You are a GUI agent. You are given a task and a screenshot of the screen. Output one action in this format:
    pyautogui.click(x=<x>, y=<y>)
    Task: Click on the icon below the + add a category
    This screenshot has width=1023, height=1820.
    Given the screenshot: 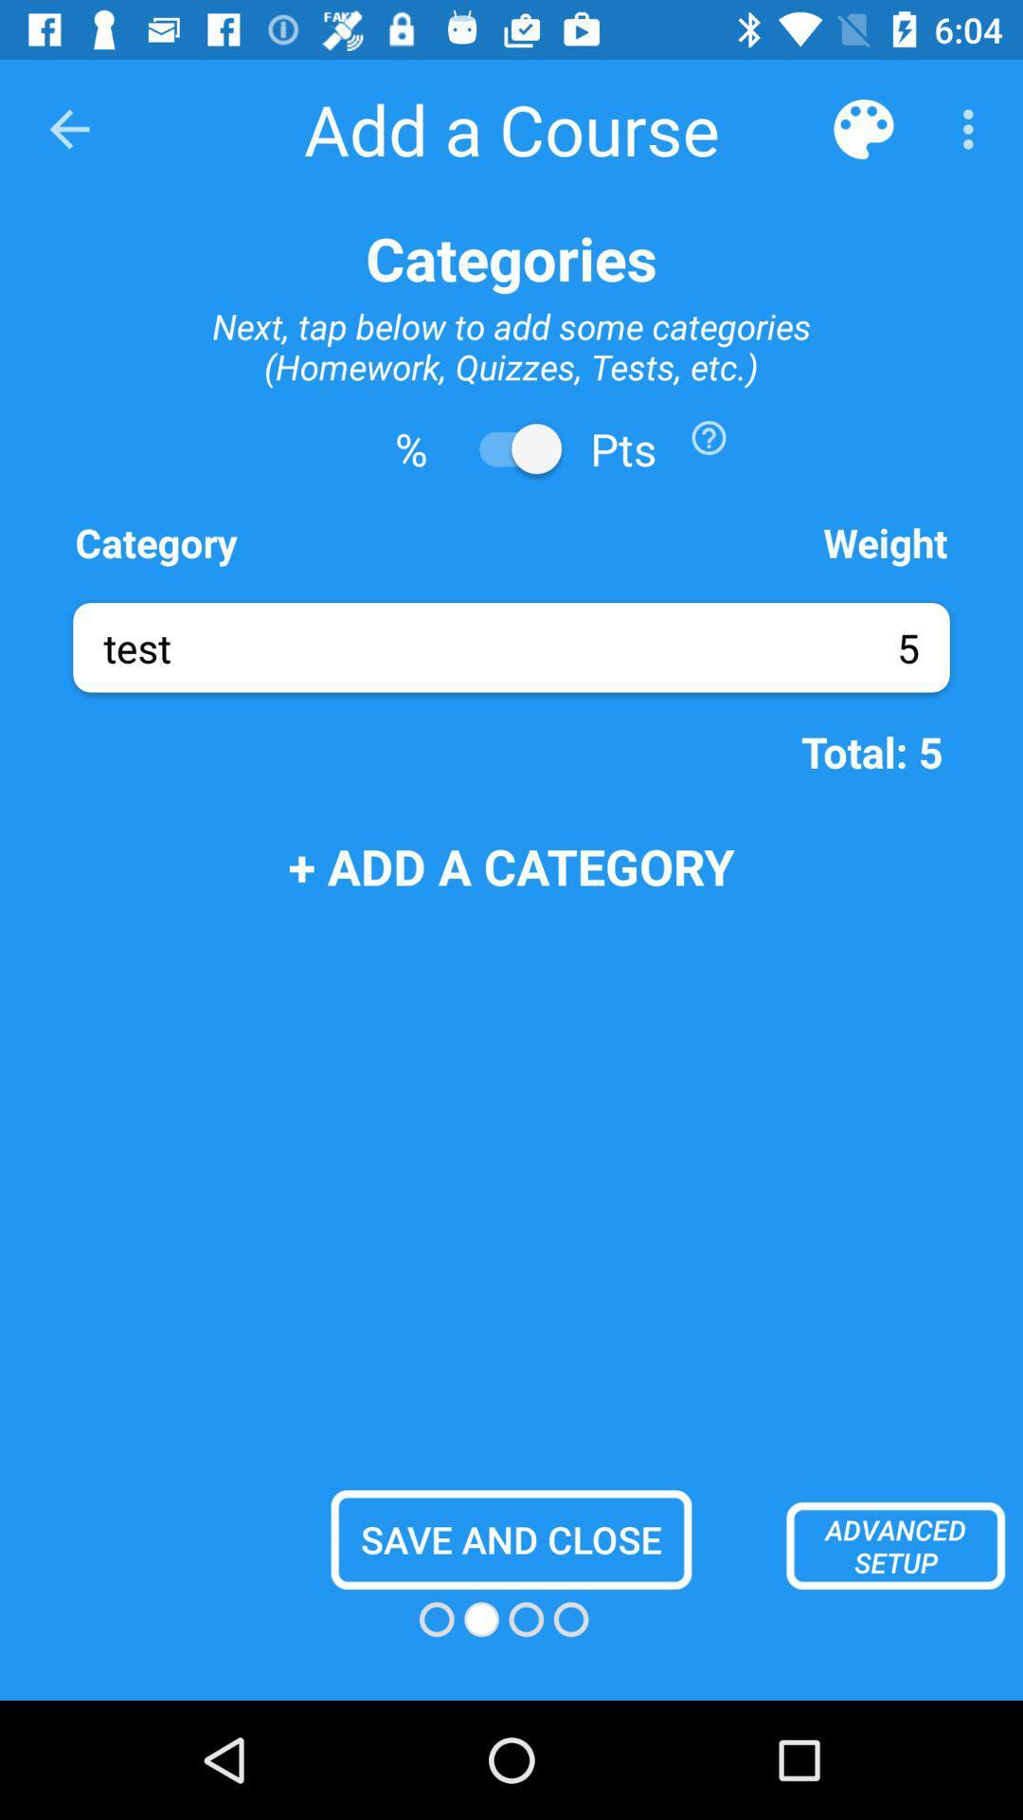 What is the action you would take?
    pyautogui.click(x=511, y=1539)
    